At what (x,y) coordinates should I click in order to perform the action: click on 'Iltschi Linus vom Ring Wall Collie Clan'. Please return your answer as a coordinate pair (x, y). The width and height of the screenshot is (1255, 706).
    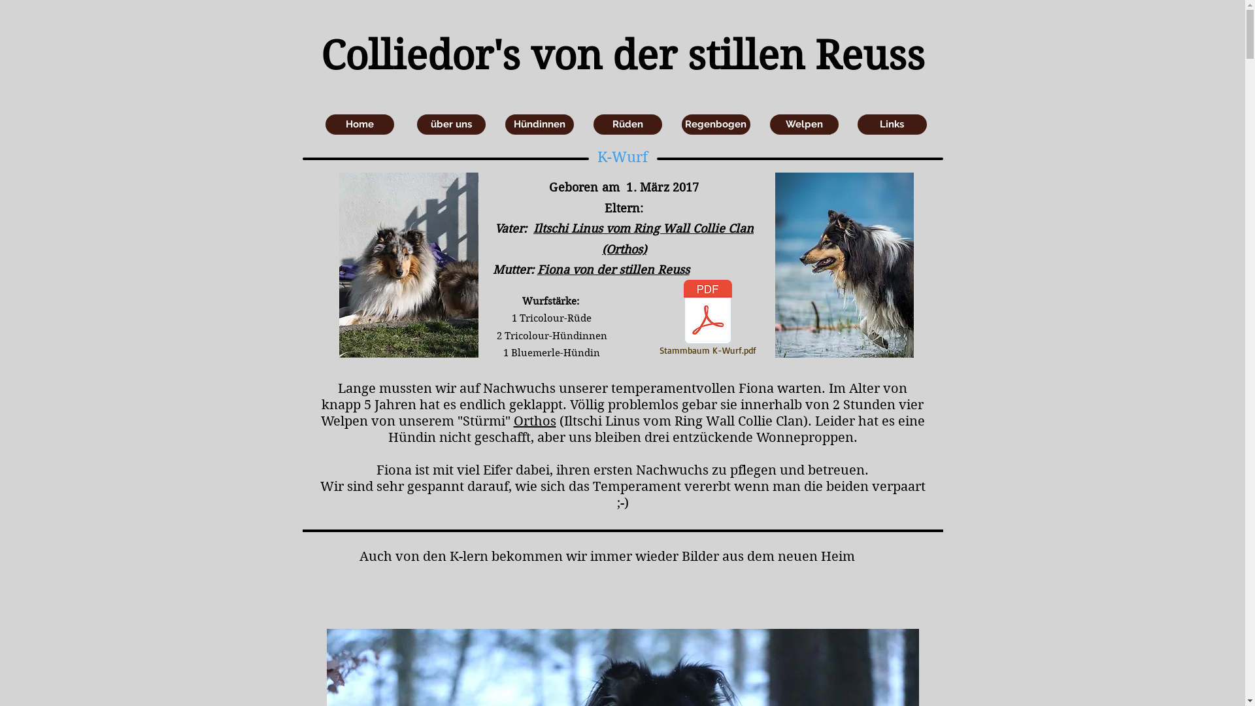
    Looking at the image, I should click on (643, 227).